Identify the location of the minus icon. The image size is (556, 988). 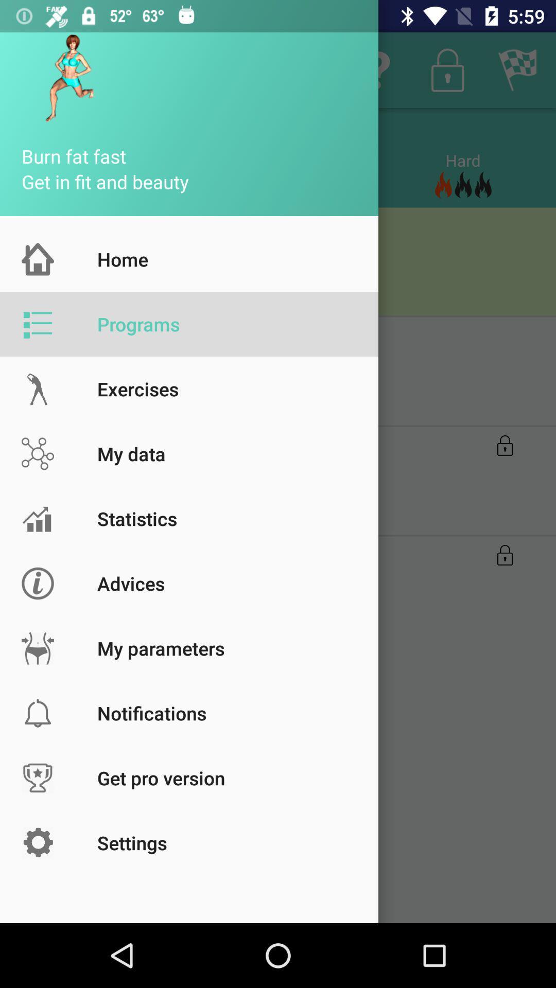
(277, 308).